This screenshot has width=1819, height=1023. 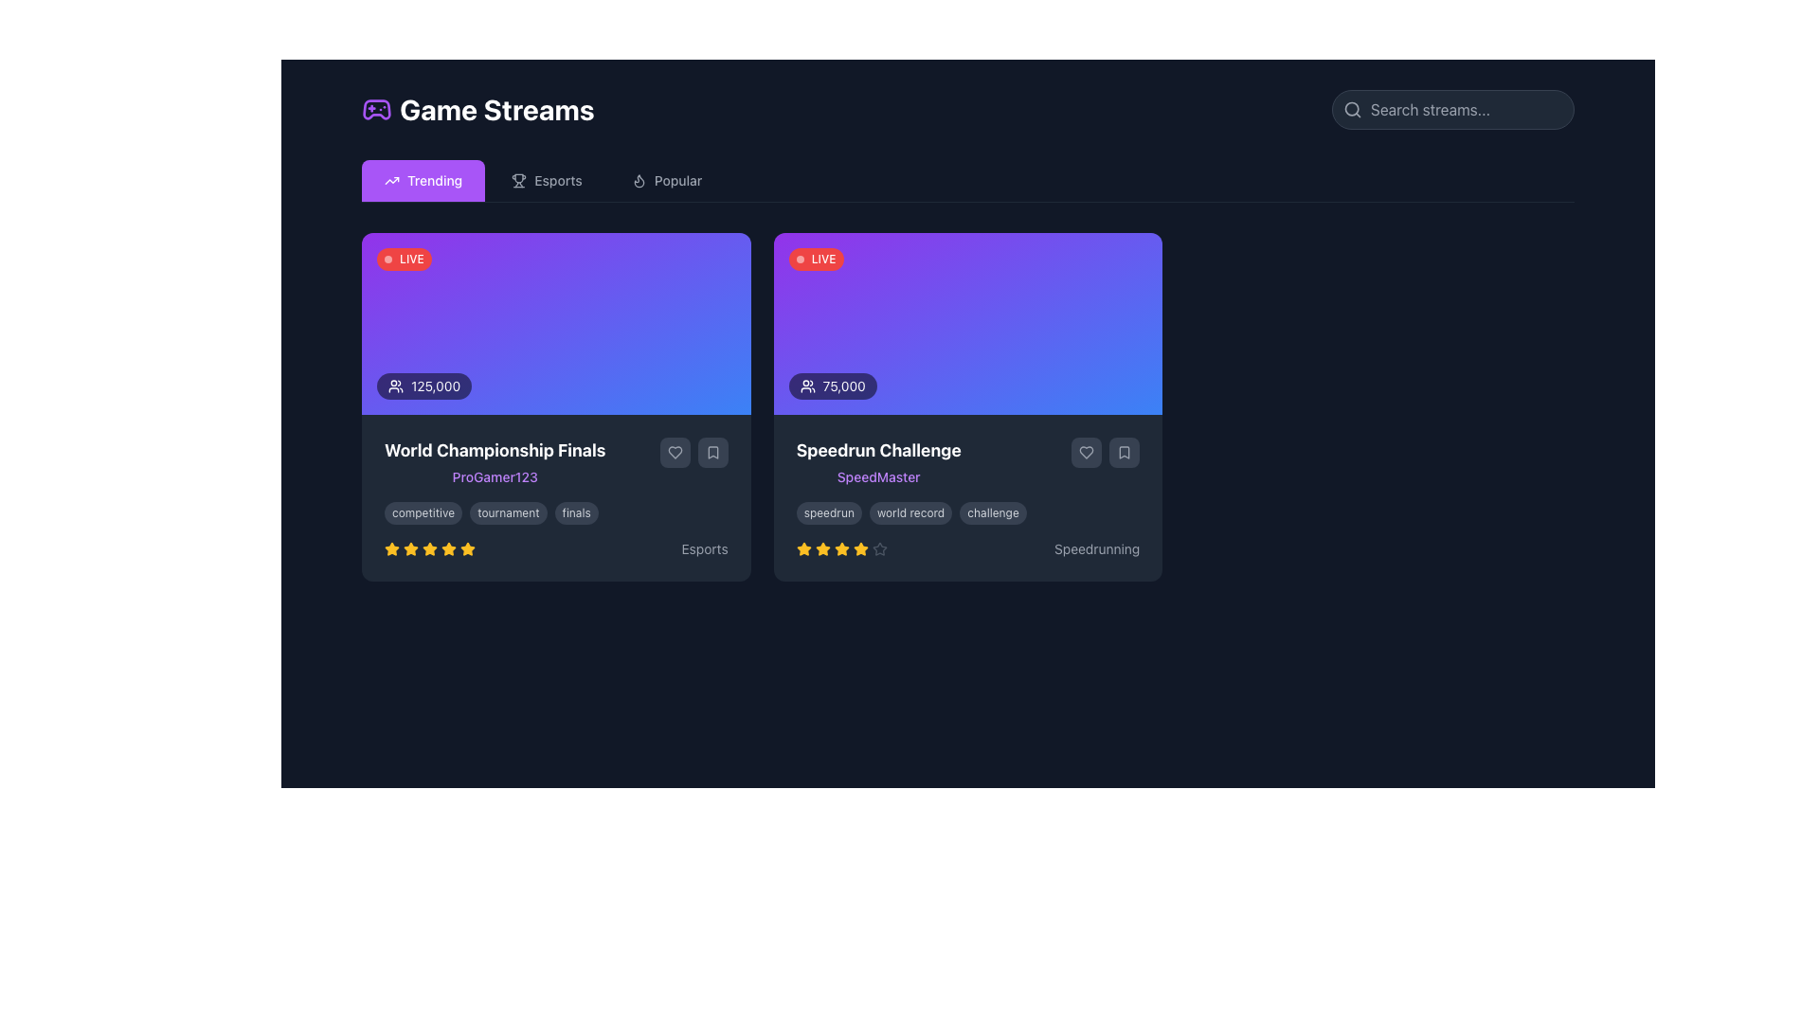 I want to click on the bookmark icon located in the bottom-right corner of the 'Speedrun Challenge' card by 'SpeedMaster', so click(x=1125, y=453).